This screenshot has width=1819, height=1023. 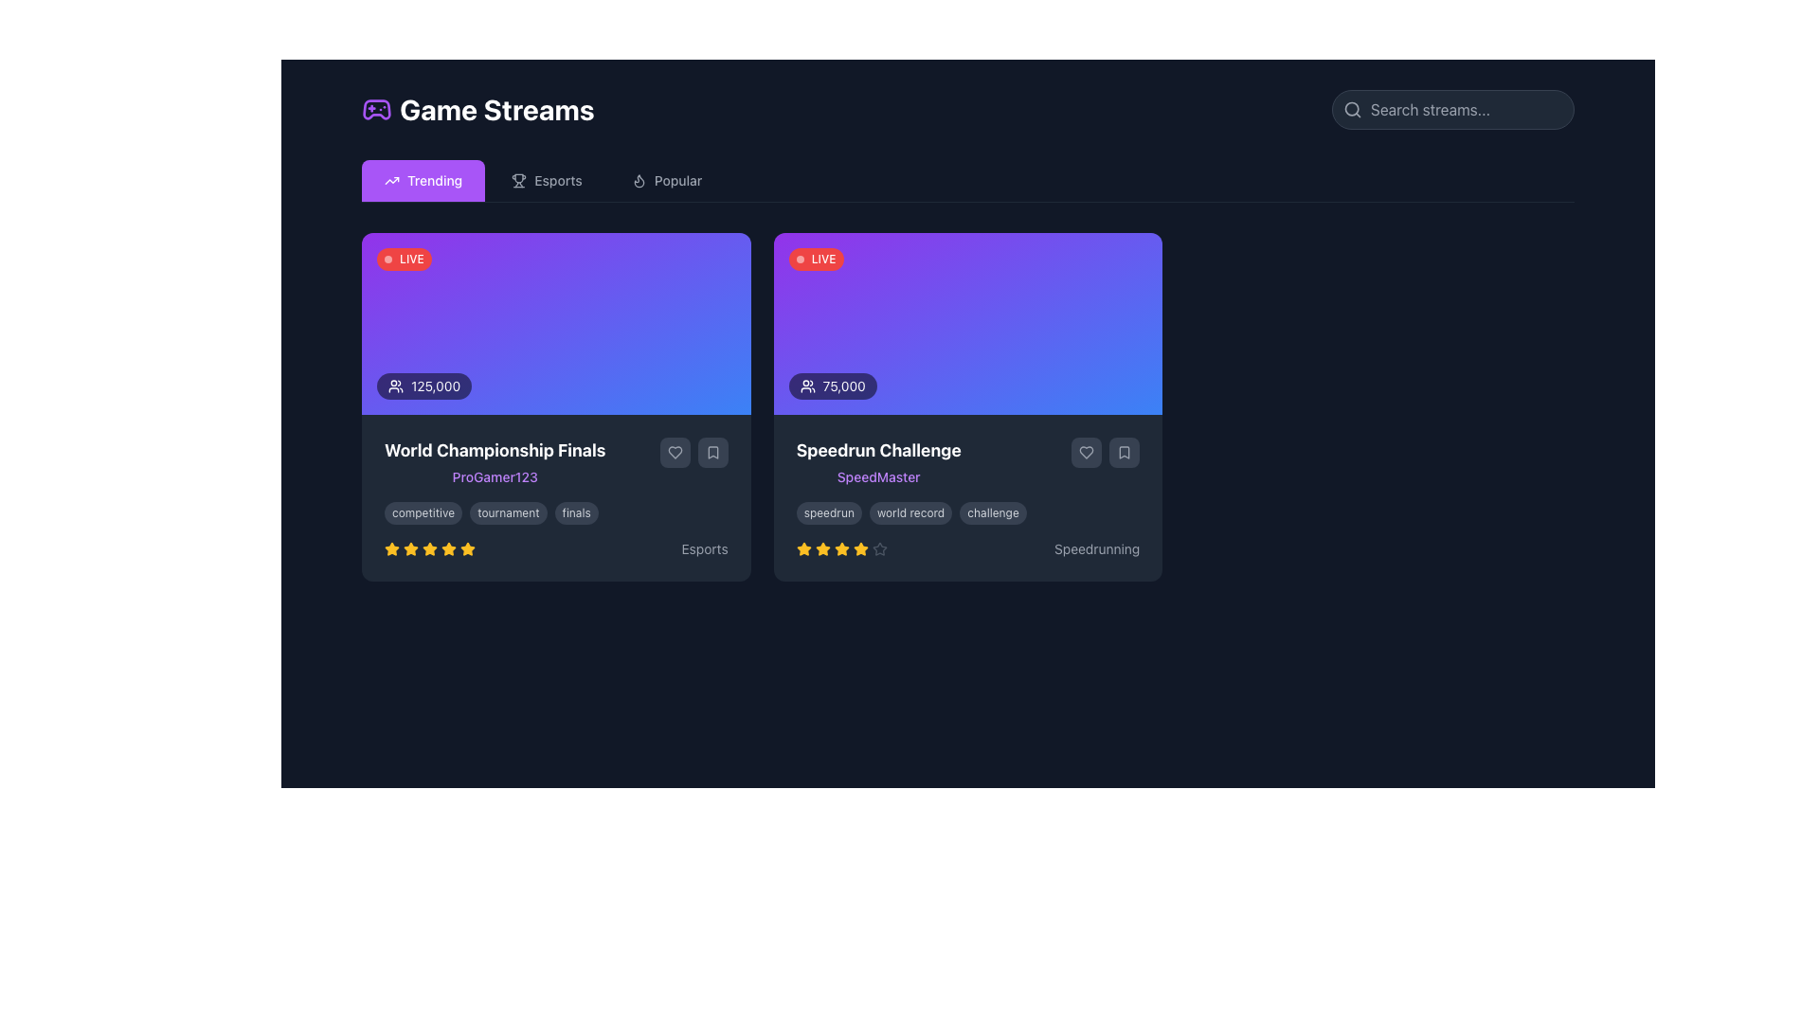 I want to click on the bookmark icon located in the bottom-right corner of the 'Speedrun Challenge' card by 'SpeedMaster', so click(x=1125, y=453).